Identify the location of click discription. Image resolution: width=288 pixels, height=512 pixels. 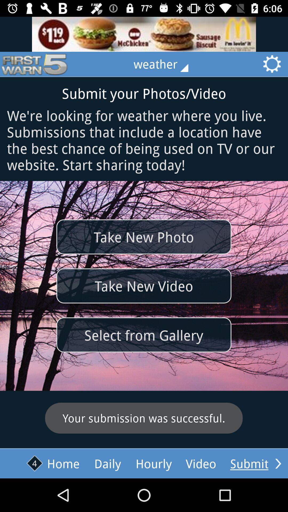
(144, 34).